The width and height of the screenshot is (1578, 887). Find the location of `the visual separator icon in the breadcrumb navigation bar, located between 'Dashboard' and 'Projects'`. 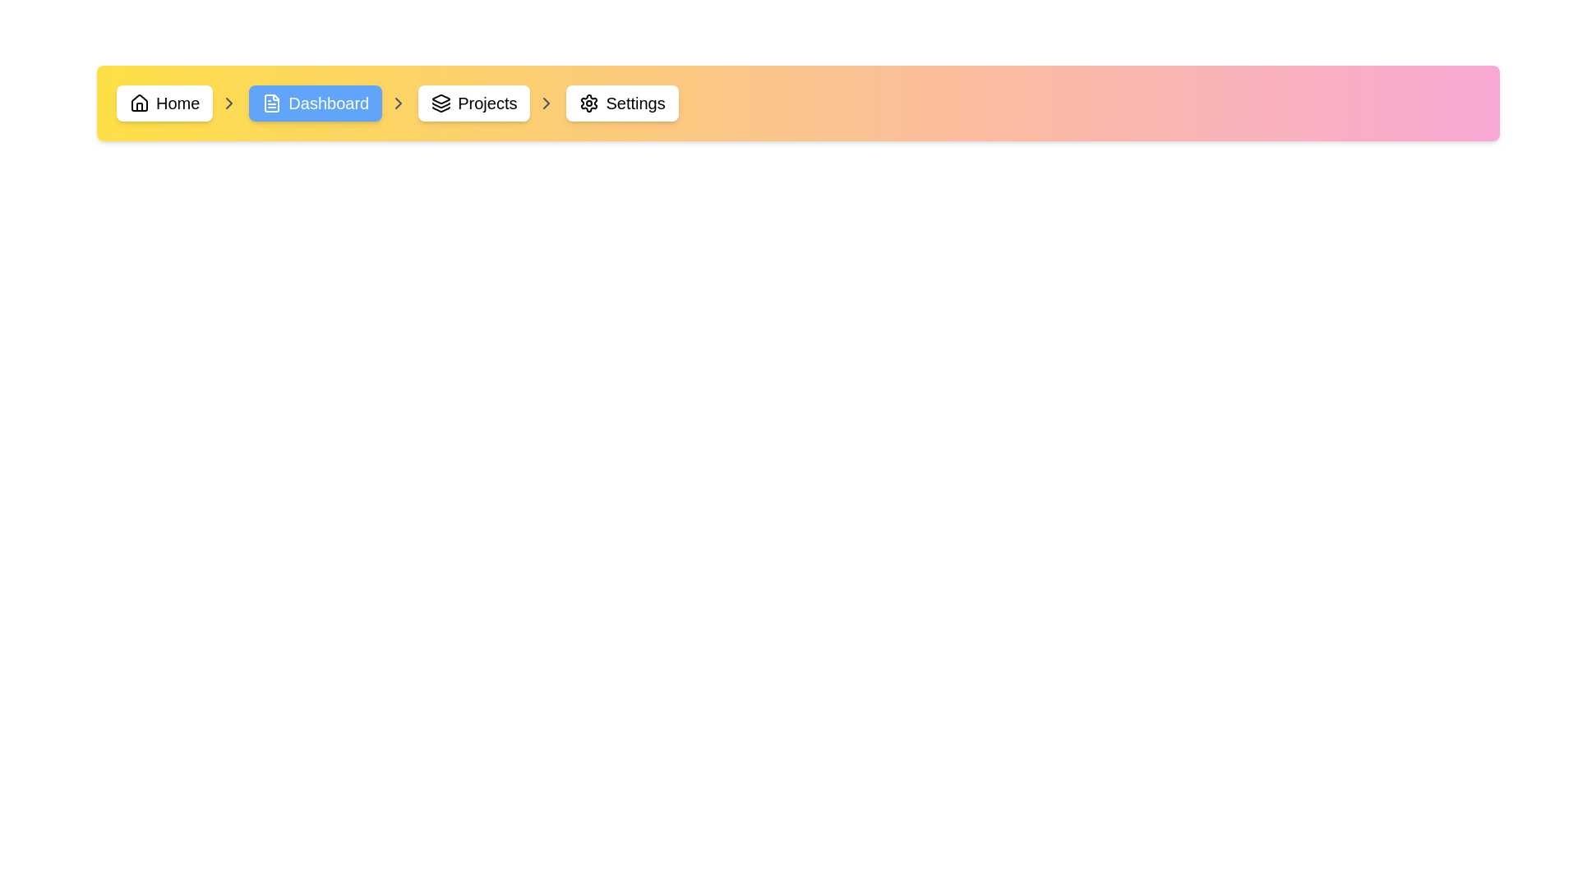

the visual separator icon in the breadcrumb navigation bar, located between 'Dashboard' and 'Projects' is located at coordinates (399, 103).